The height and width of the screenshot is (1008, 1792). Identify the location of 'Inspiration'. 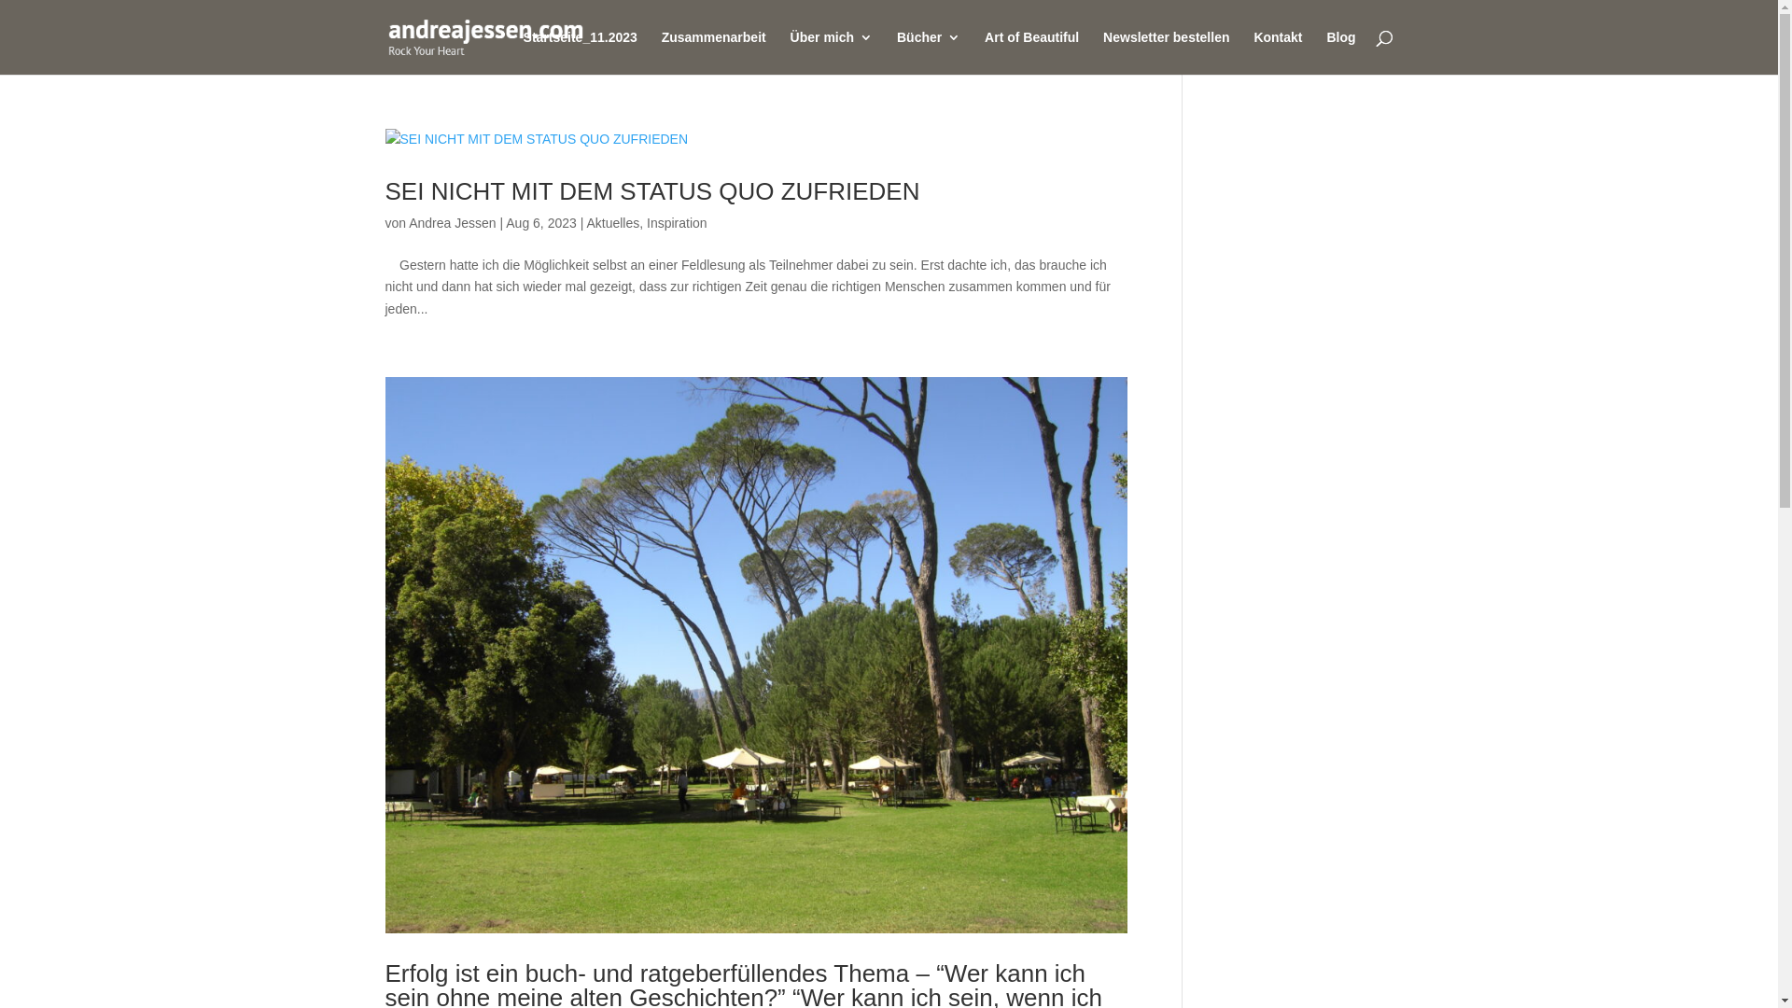
(676, 222).